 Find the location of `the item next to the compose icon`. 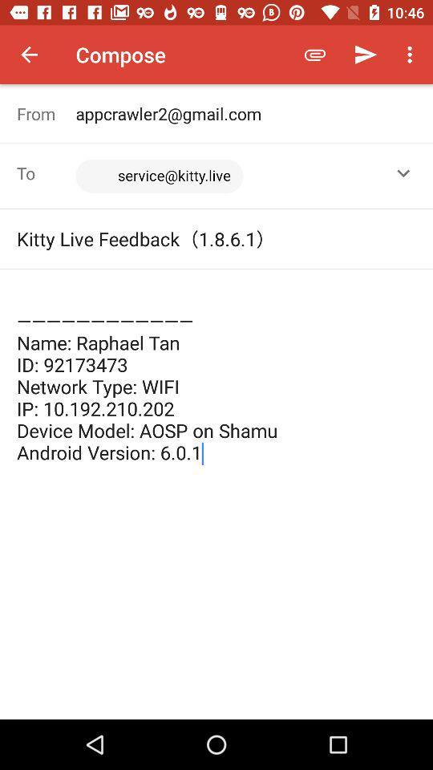

the item next to the compose icon is located at coordinates (315, 55).